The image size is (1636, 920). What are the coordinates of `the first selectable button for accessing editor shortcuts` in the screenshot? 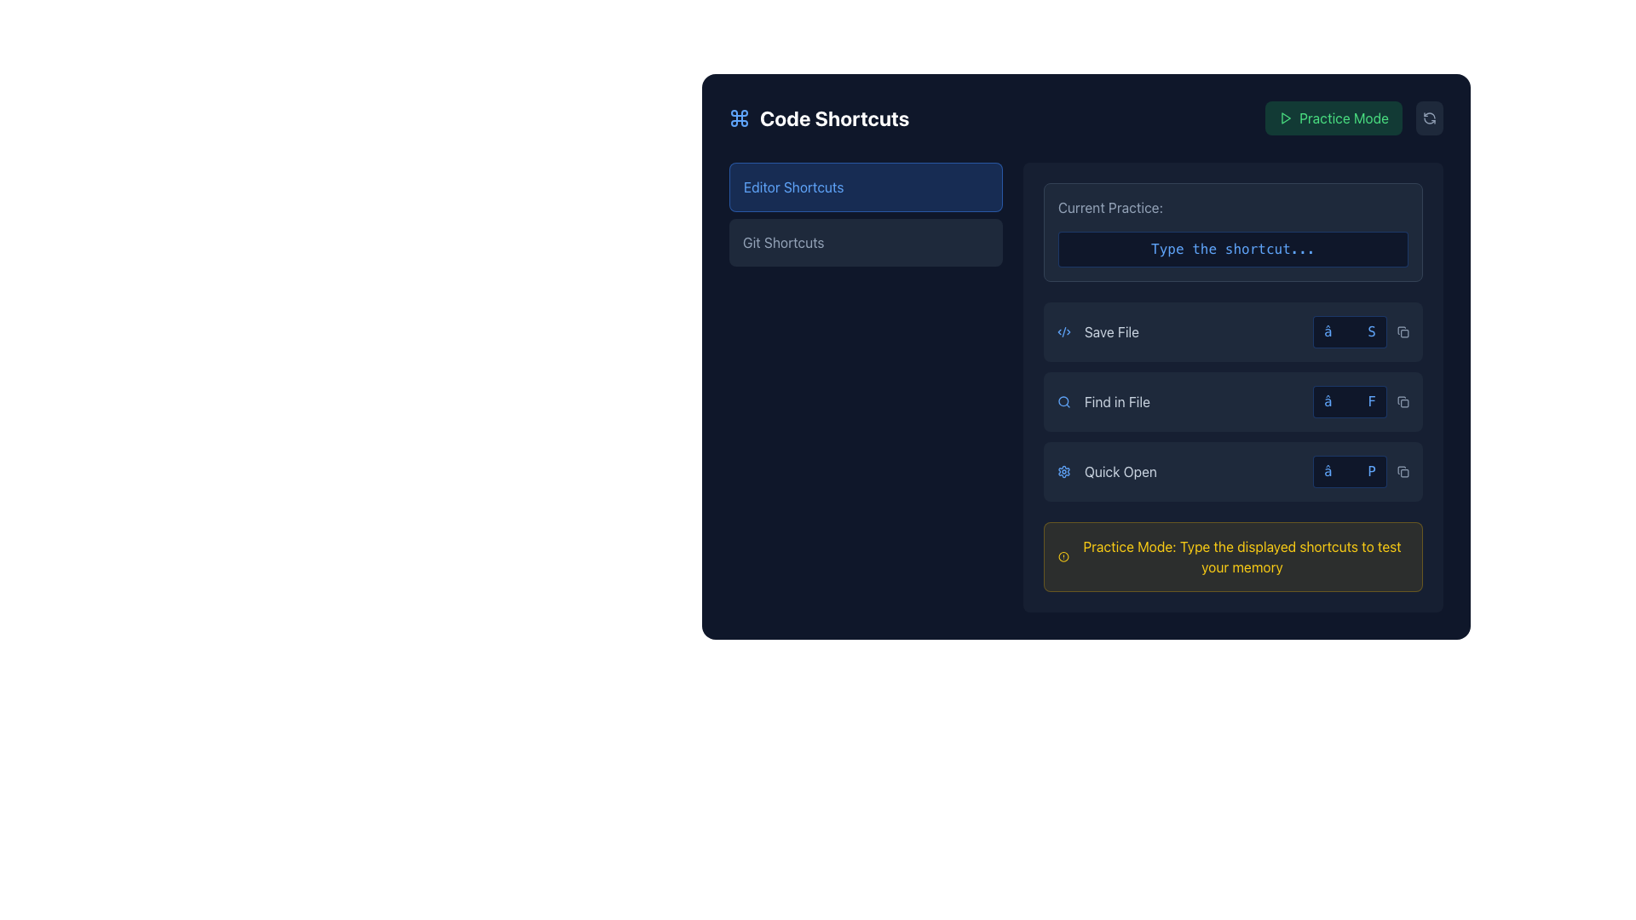 It's located at (866, 187).